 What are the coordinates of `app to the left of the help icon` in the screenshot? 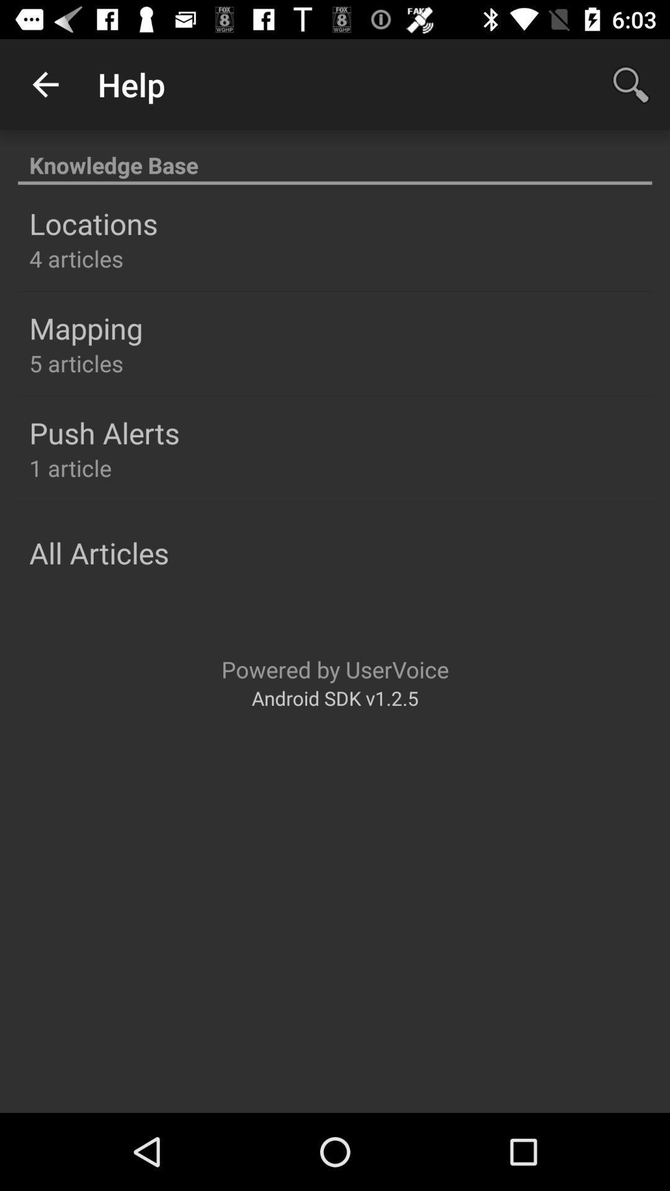 It's located at (45, 84).